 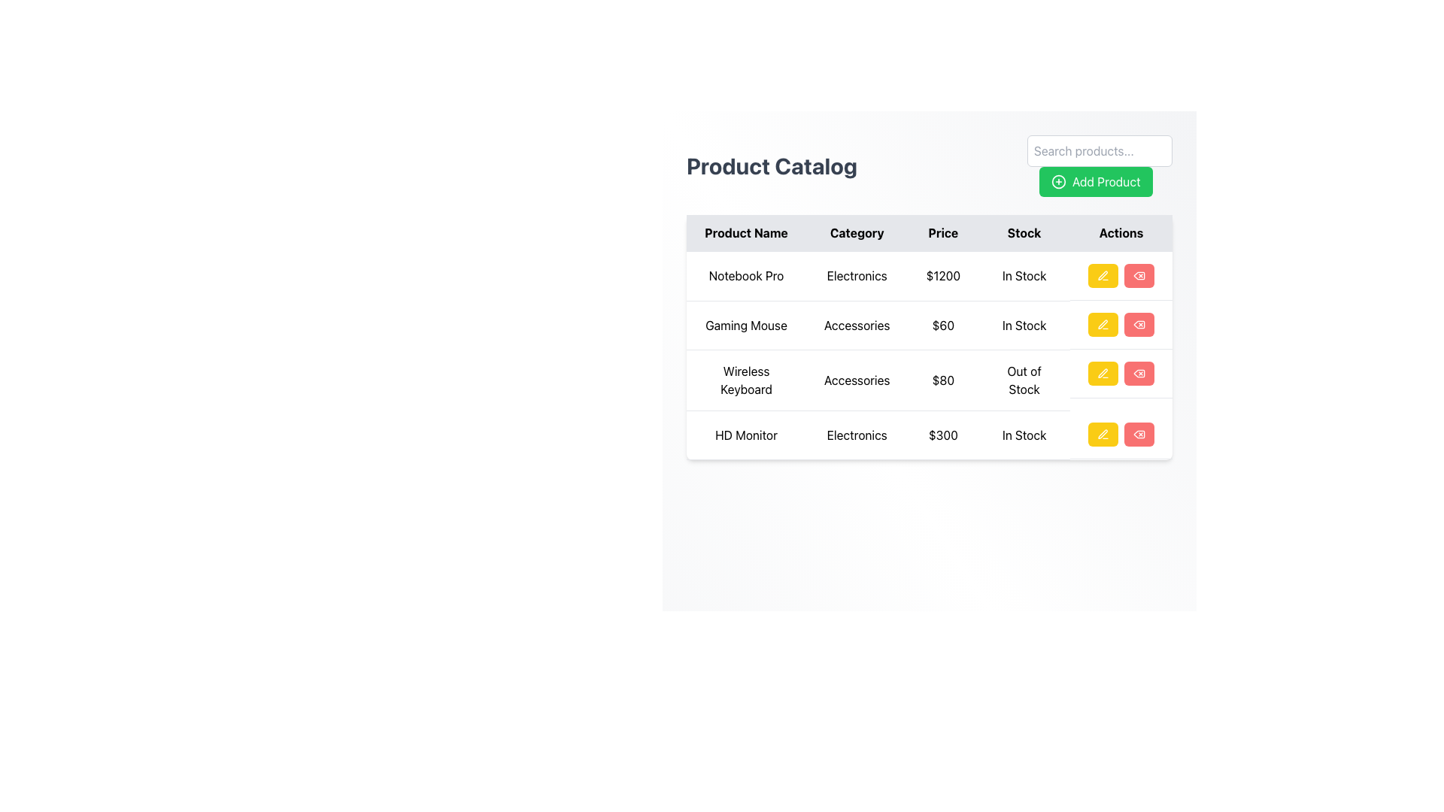 I want to click on keyboard navigation, so click(x=1121, y=324).